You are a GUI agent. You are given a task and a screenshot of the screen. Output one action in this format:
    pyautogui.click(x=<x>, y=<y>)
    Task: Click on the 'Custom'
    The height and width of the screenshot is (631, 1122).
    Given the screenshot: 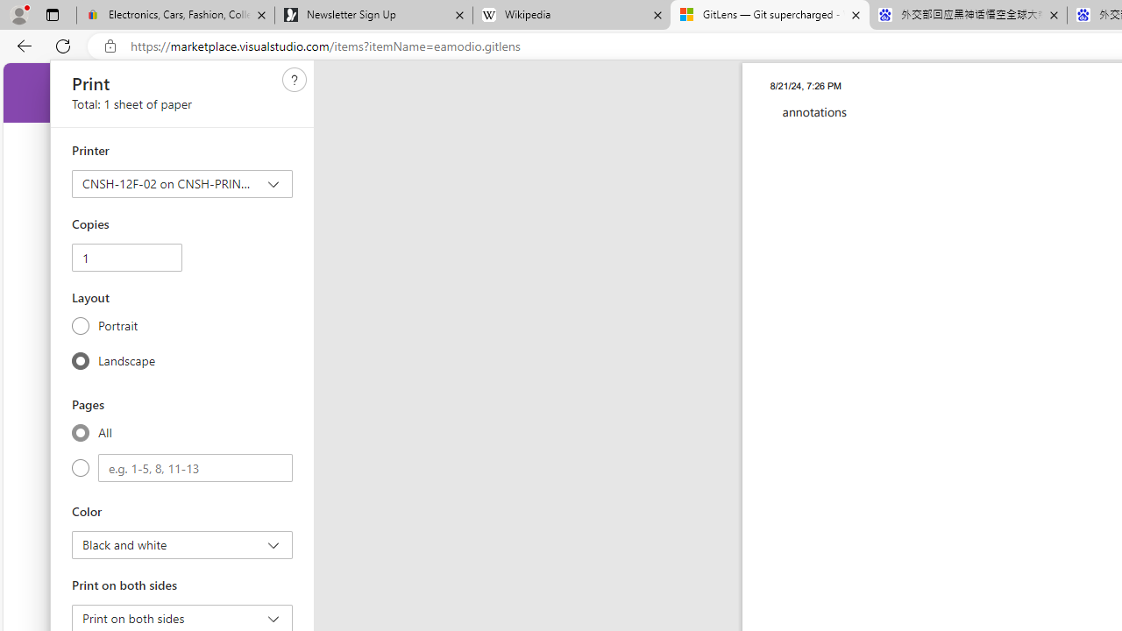 What is the action you would take?
    pyautogui.click(x=80, y=467)
    